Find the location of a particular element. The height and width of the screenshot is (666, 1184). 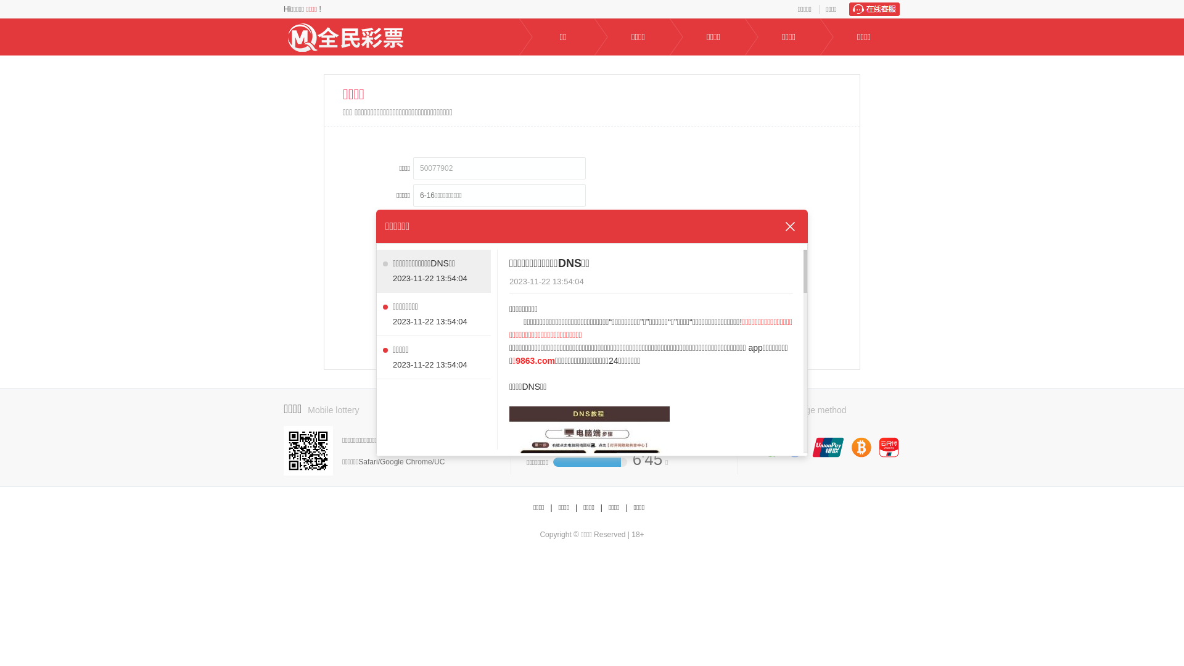

'|' is located at coordinates (575, 508).